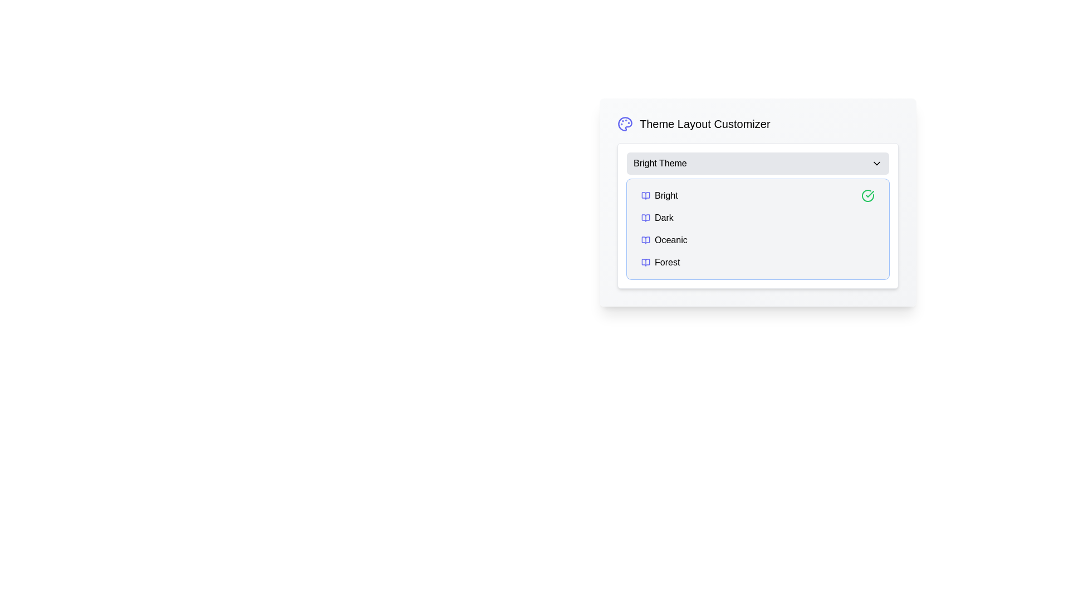  Describe the element at coordinates (646, 195) in the screenshot. I see `the 'Bright' theme selection icon located to the left of the 'Bright' option in the Theme Layout Customizer` at that location.